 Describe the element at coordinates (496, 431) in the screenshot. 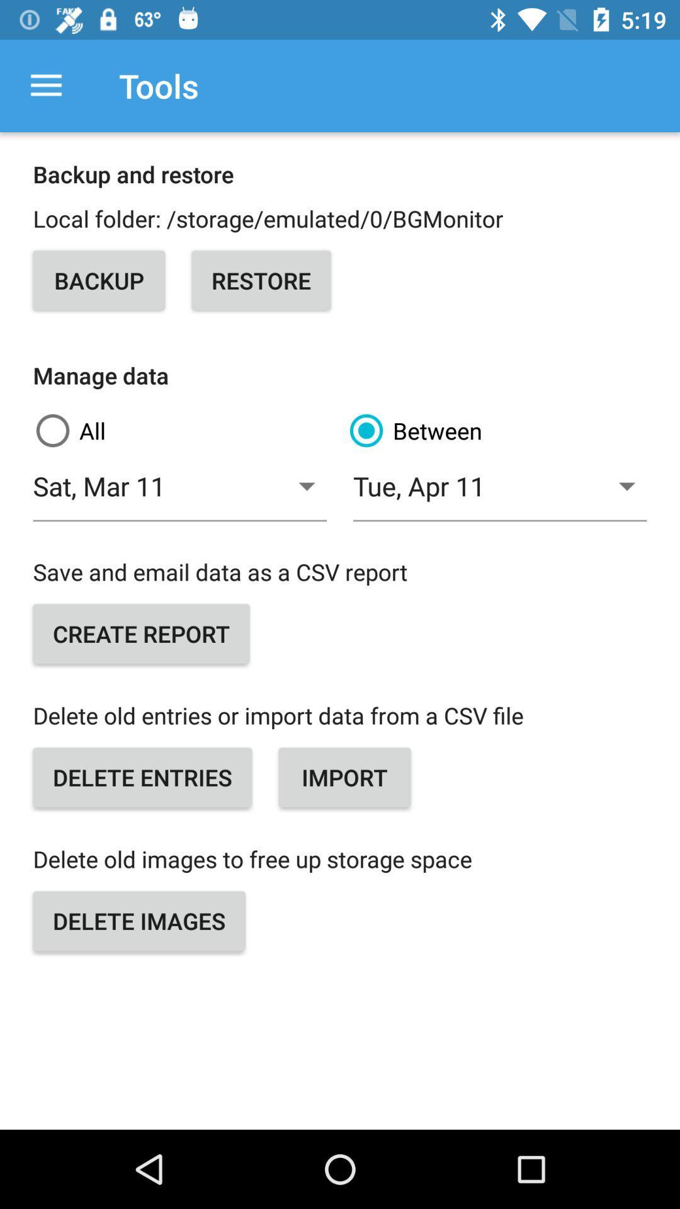

I see `the item below restore item` at that location.